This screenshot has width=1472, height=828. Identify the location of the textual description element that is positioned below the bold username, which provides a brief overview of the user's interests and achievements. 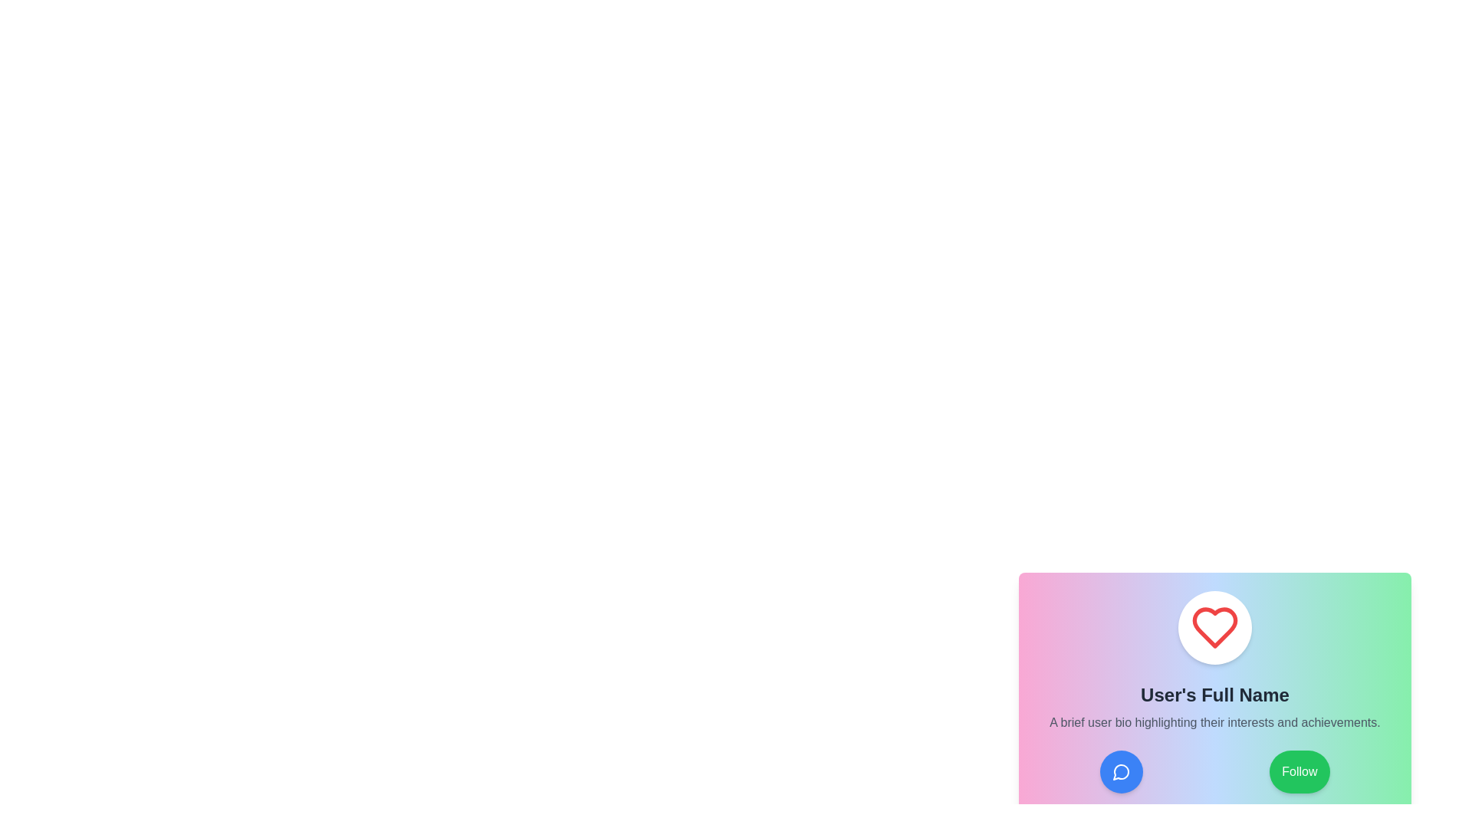
(1214, 722).